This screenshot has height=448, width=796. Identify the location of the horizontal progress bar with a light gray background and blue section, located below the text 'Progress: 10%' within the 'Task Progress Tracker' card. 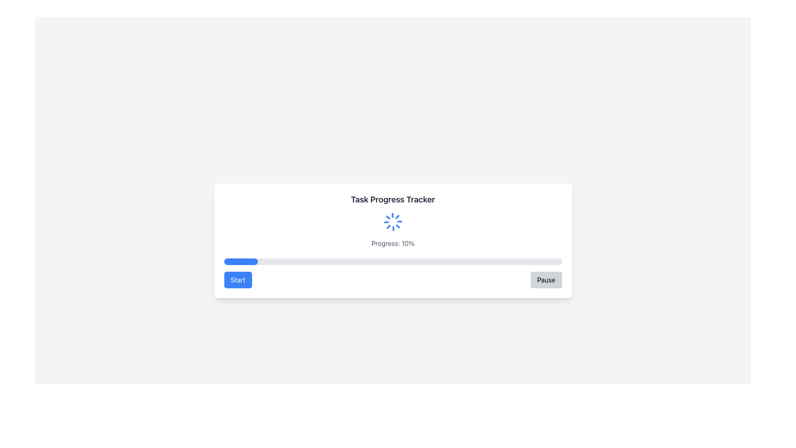
(393, 262).